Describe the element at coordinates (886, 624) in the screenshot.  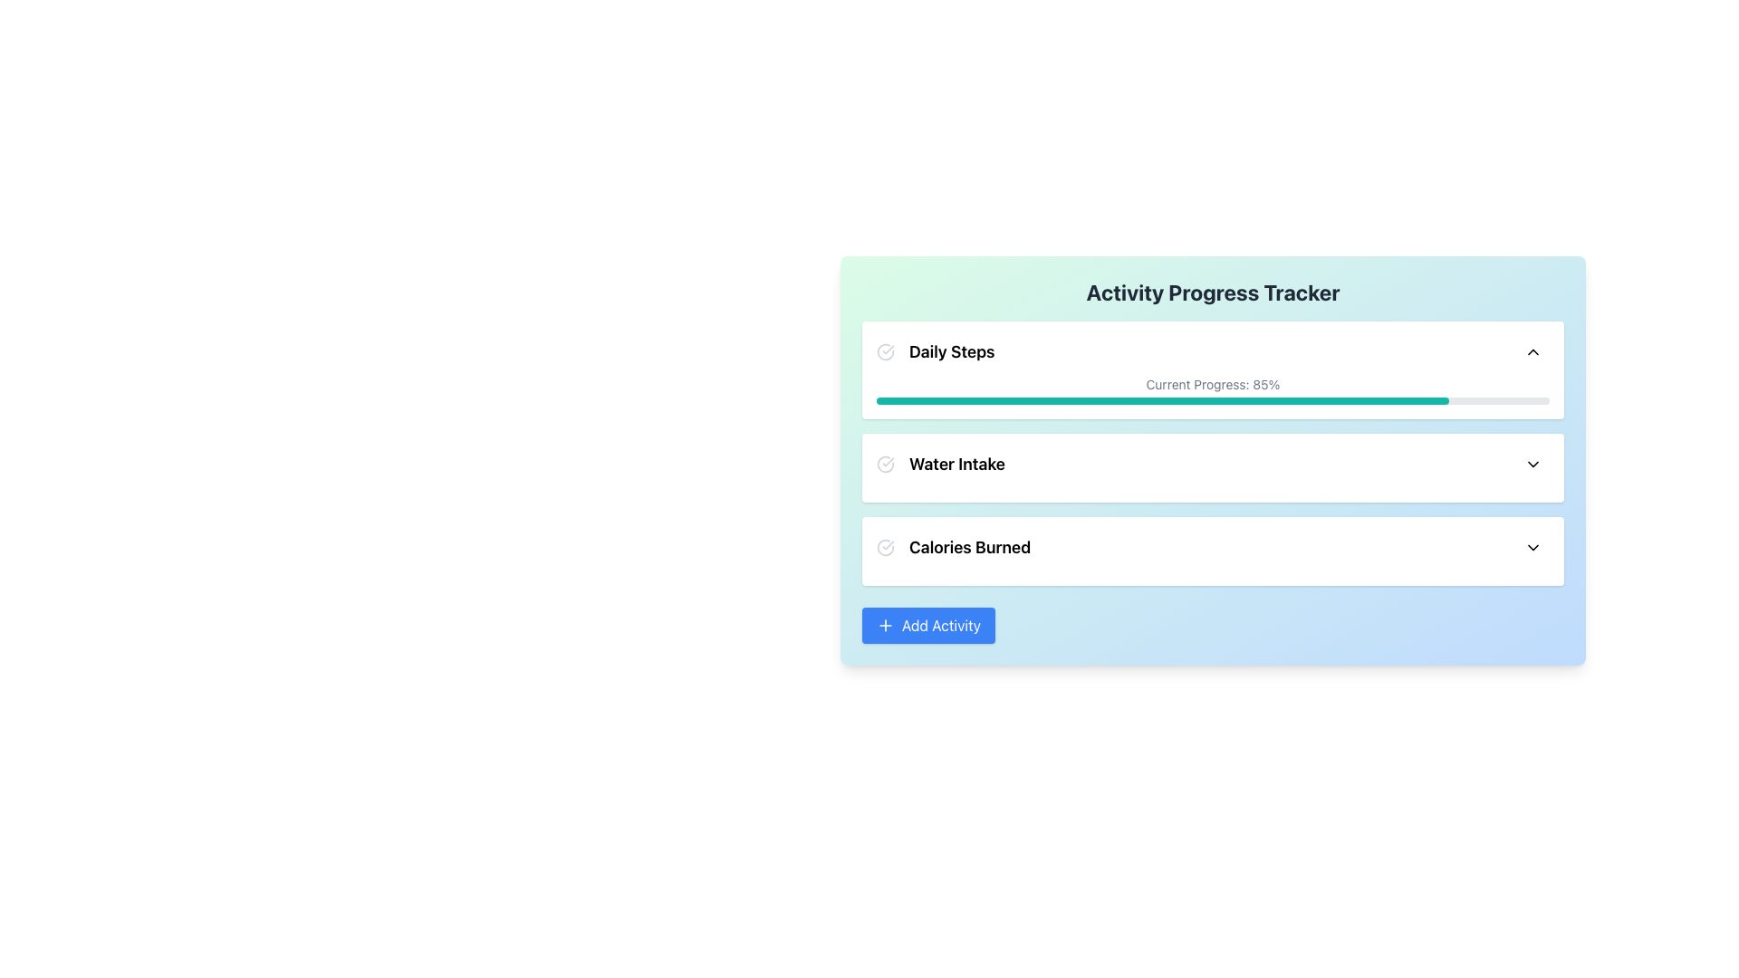
I see `the small blue circular icon with a white plus symbol located to the left of the 'Add Activity' text` at that location.